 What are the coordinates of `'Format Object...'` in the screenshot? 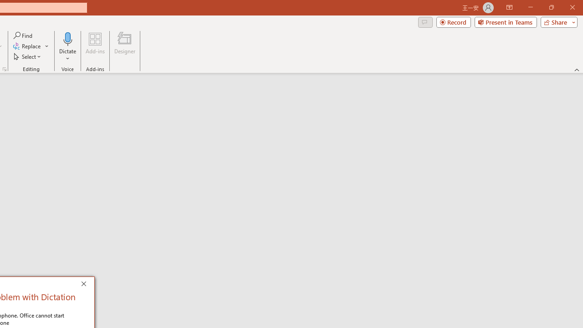 It's located at (5, 68).